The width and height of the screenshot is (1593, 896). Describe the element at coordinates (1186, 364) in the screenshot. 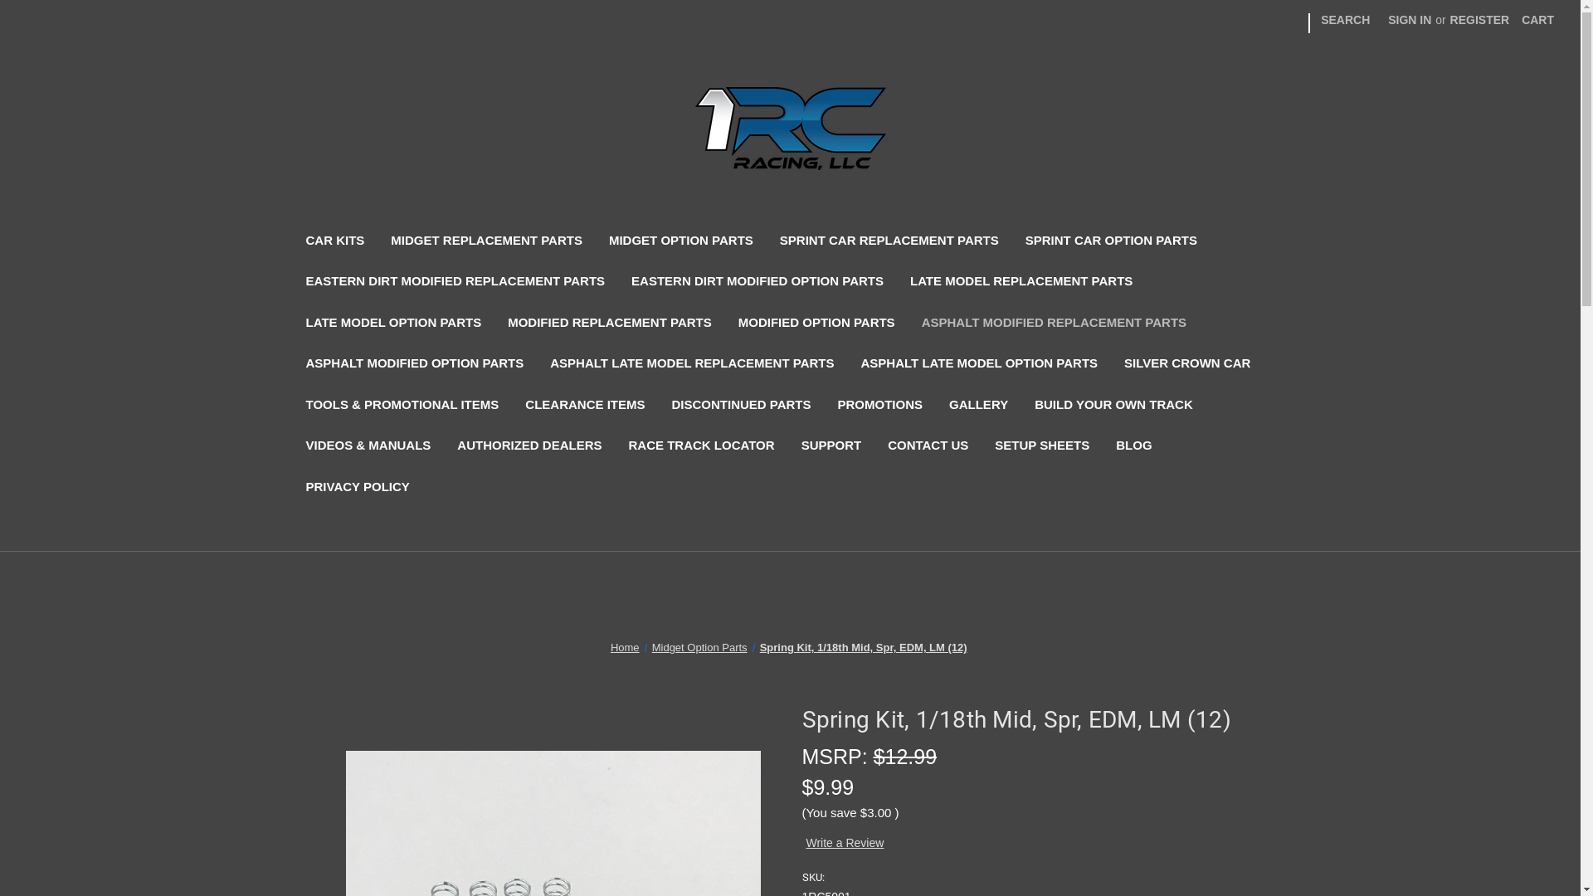

I see `'SILVER CROWN CAR'` at that location.